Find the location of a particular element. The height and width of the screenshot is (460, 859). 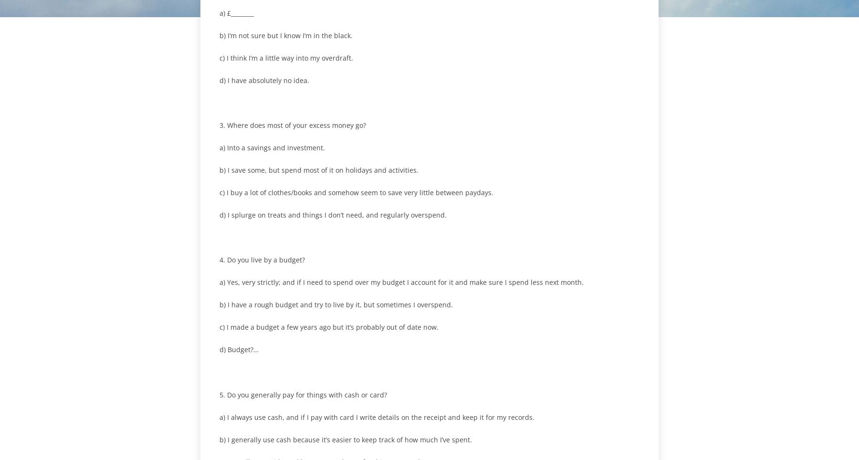

'b) I generally use cash because it’s easier to keep track of how much I’ve spent.' is located at coordinates (219, 439).